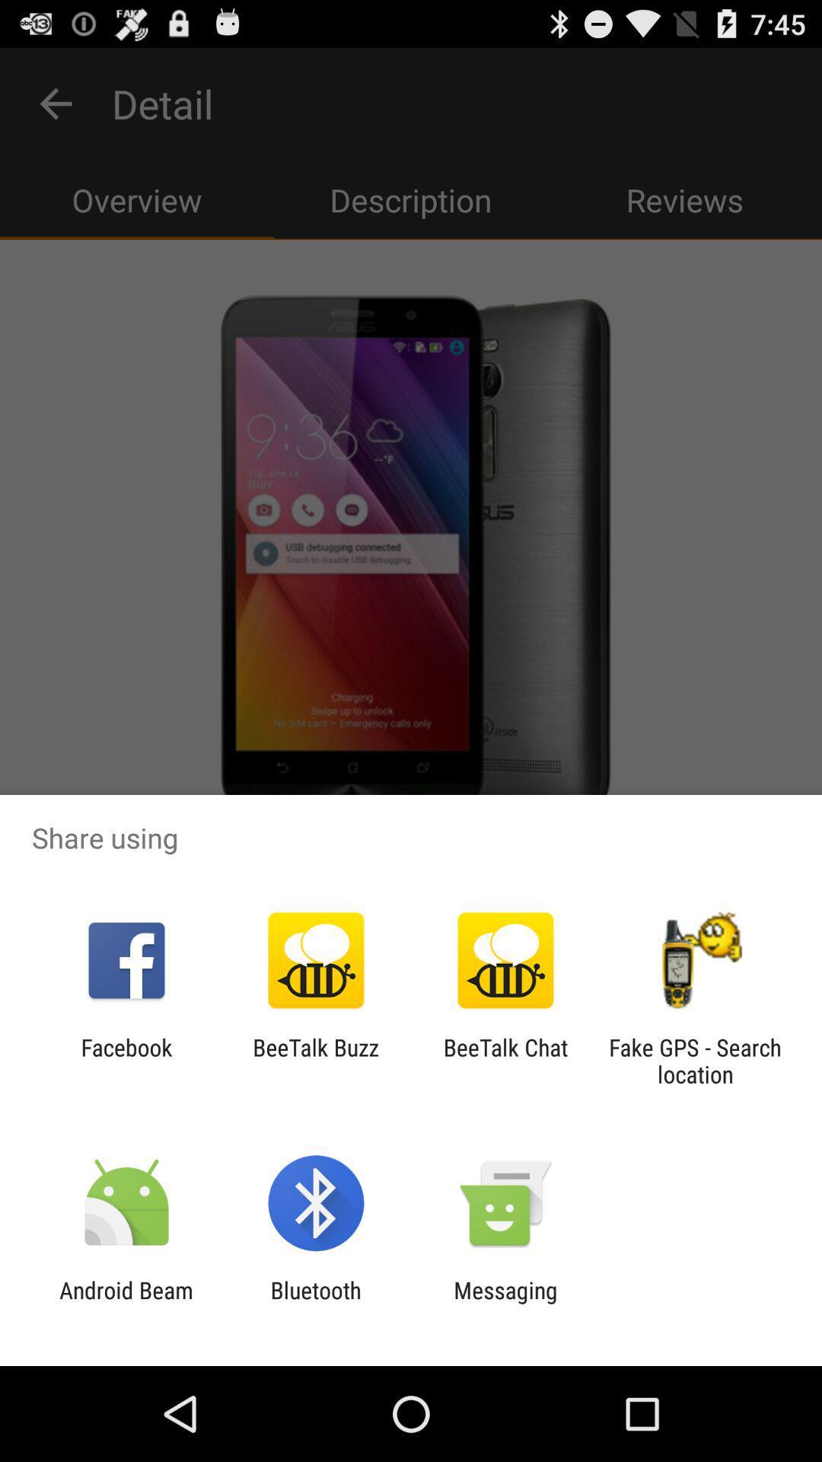 This screenshot has height=1462, width=822. Describe the element at coordinates (126, 1303) in the screenshot. I see `the android beam` at that location.